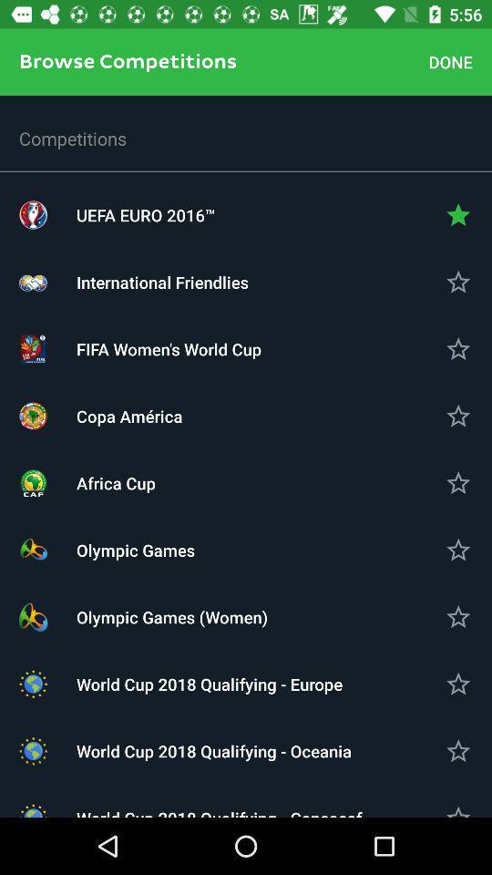  What do you see at coordinates (246, 215) in the screenshot?
I see `item below the competitions item` at bounding box center [246, 215].